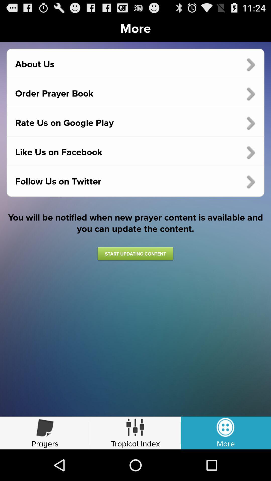  What do you see at coordinates (135, 254) in the screenshot?
I see `content` at bounding box center [135, 254].